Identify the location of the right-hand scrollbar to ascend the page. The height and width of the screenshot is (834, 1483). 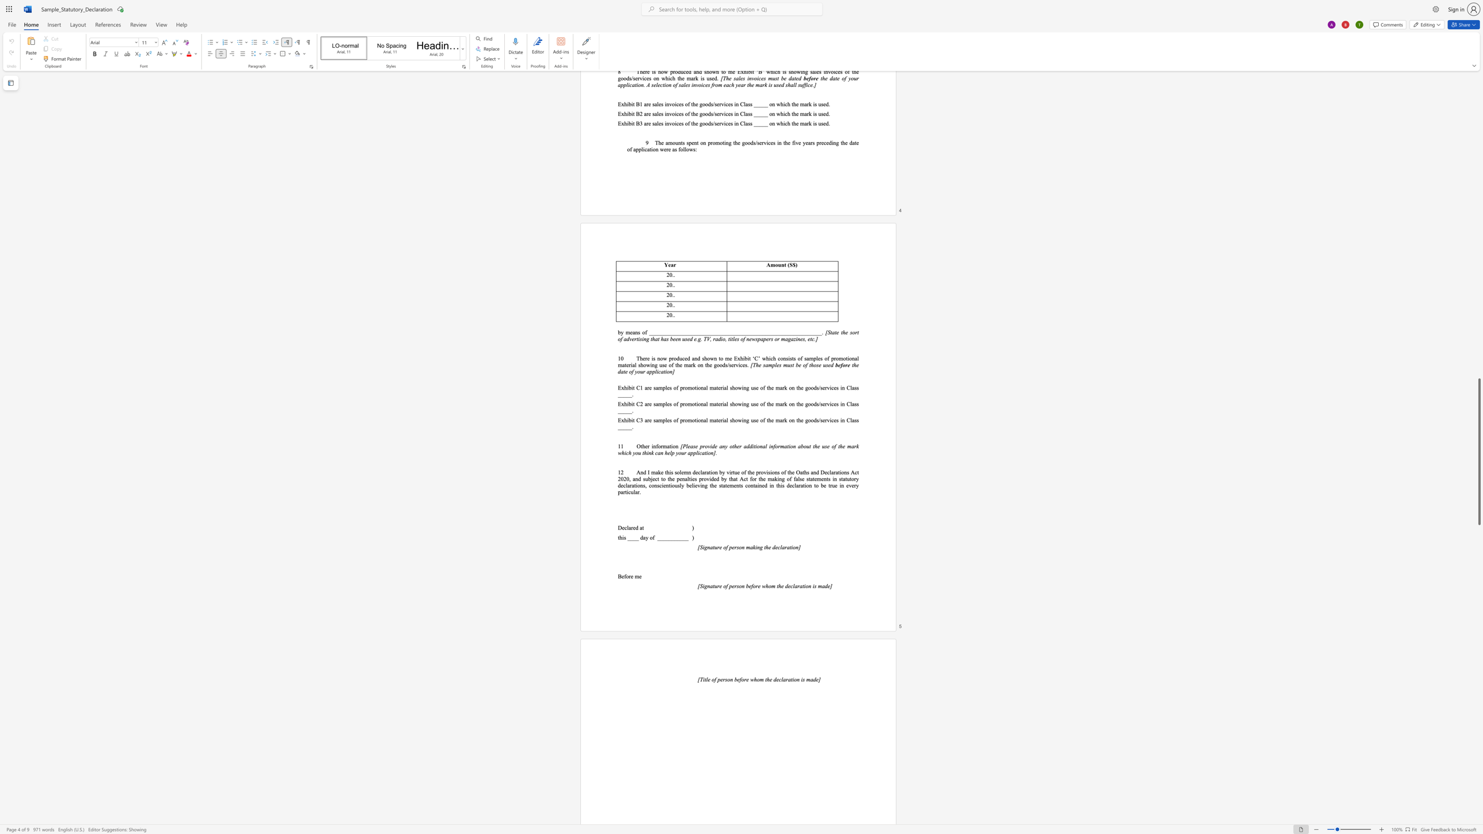
(1478, 517).